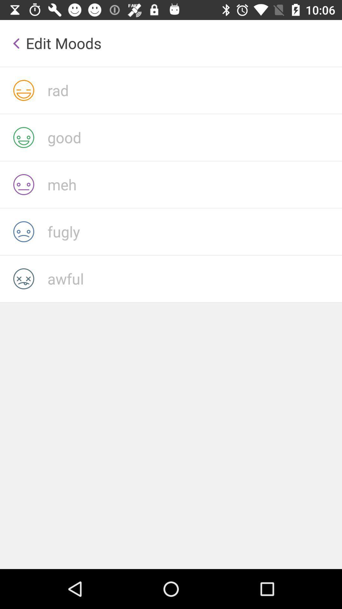 This screenshot has width=342, height=609. What do you see at coordinates (194, 90) in the screenshot?
I see `edit mood` at bounding box center [194, 90].